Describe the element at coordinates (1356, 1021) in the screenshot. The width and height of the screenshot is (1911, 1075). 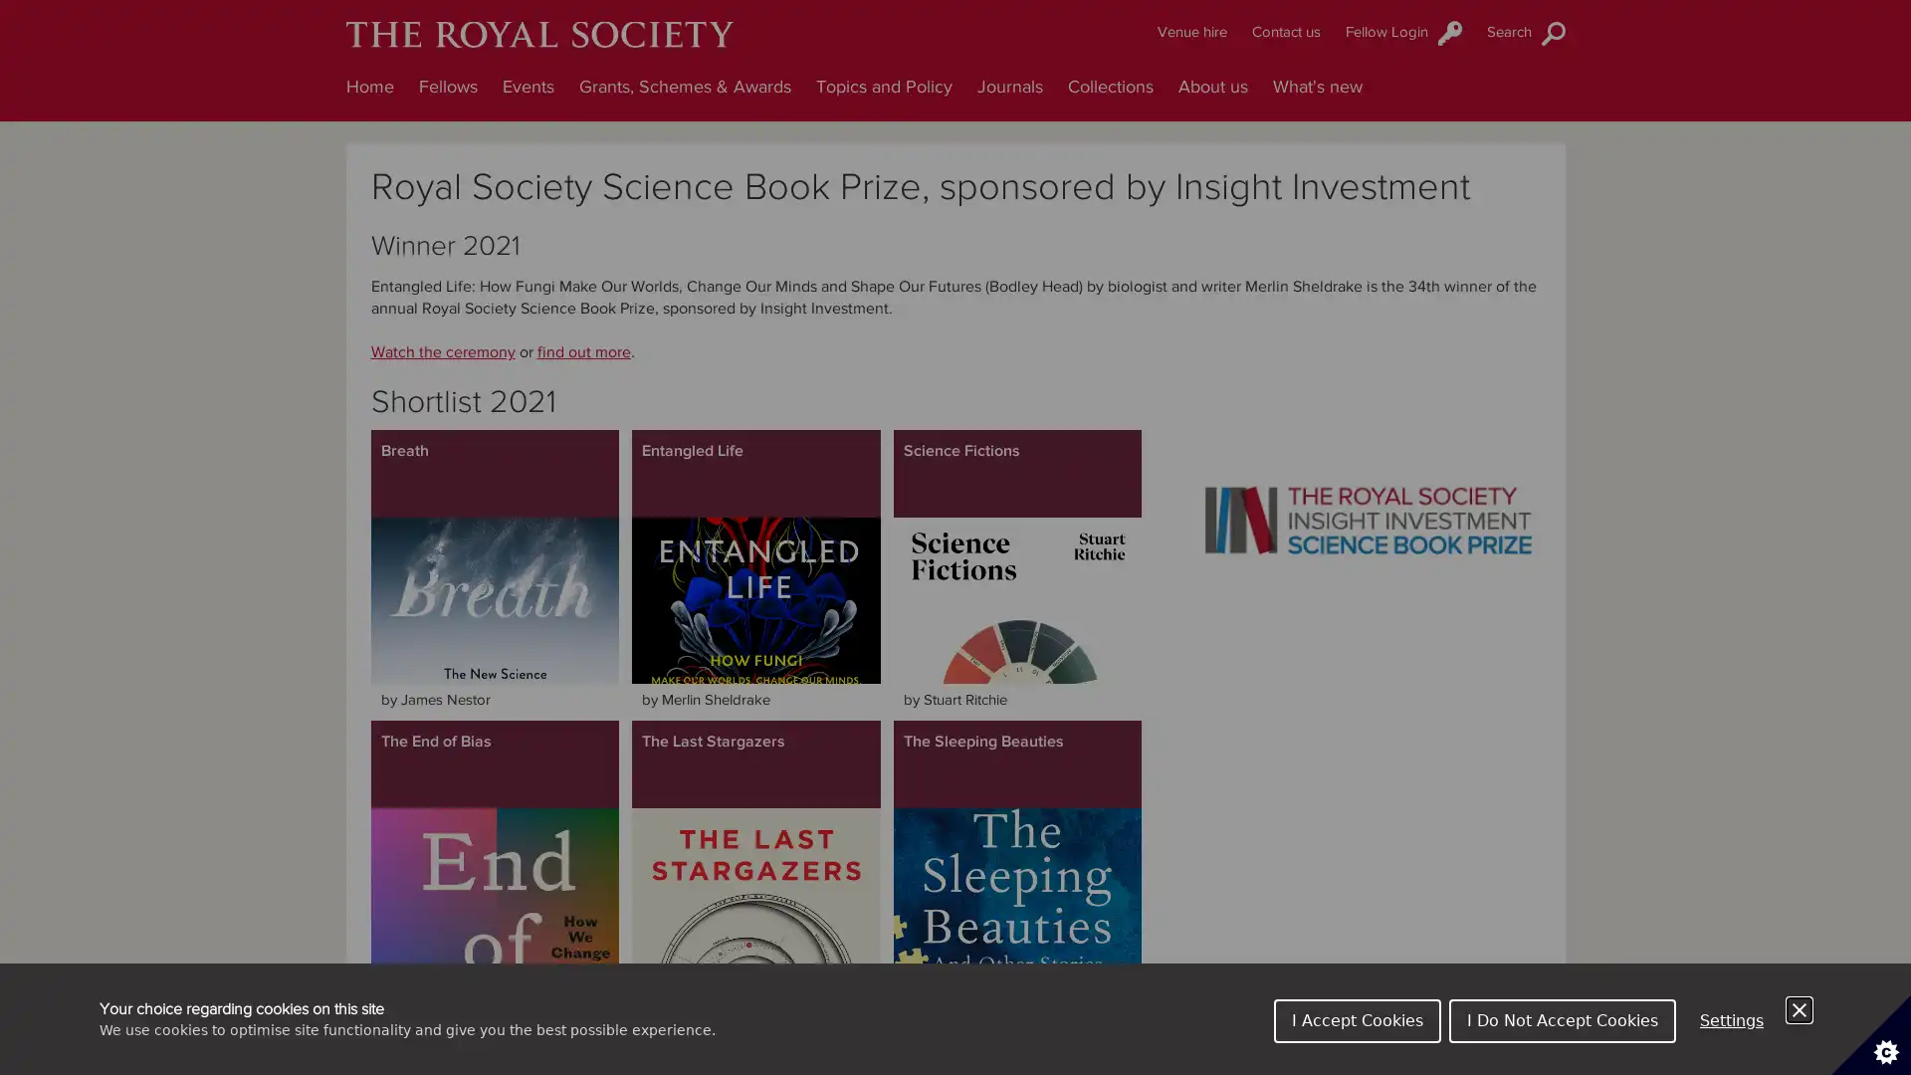
I see `I Accept Cookies` at that location.